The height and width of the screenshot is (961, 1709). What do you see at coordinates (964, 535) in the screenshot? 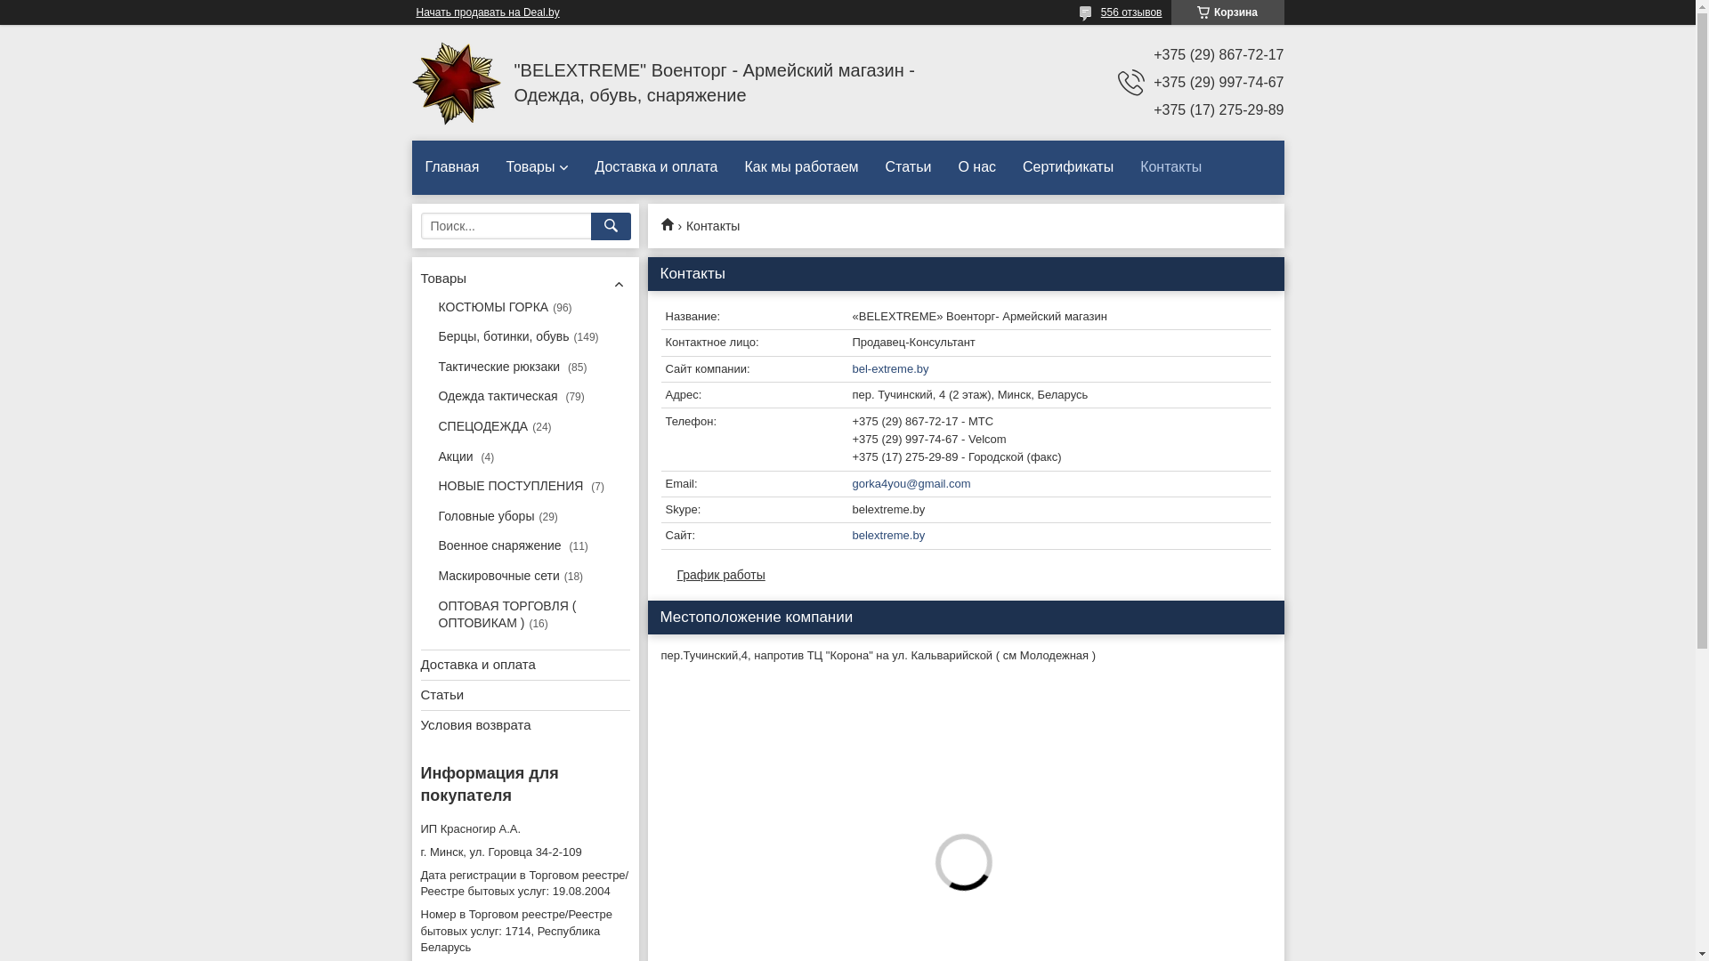
I see `'belextreme.by'` at bounding box center [964, 535].